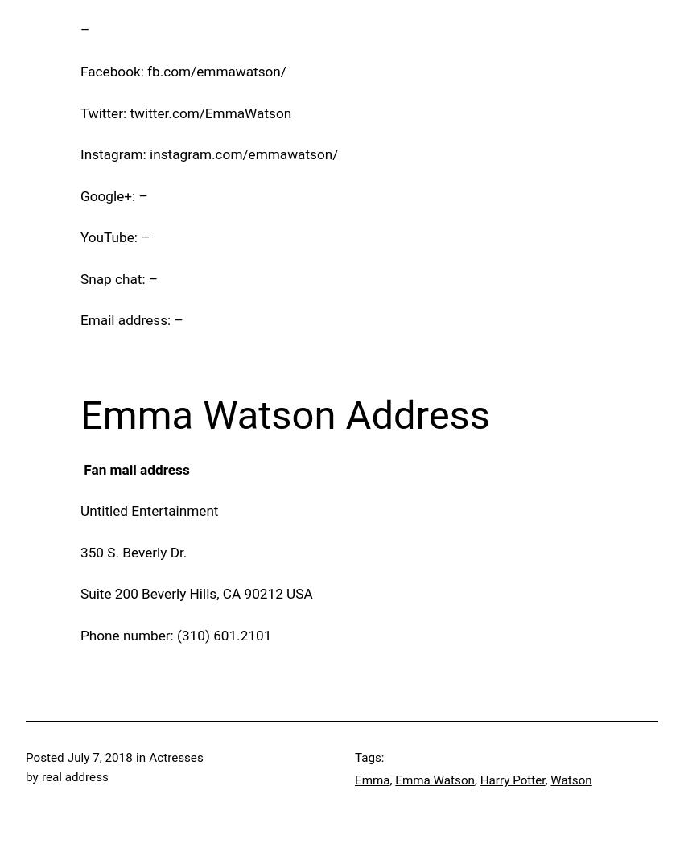 The height and width of the screenshot is (864, 684). Describe the element at coordinates (118, 278) in the screenshot. I see `'Snap chat: –'` at that location.